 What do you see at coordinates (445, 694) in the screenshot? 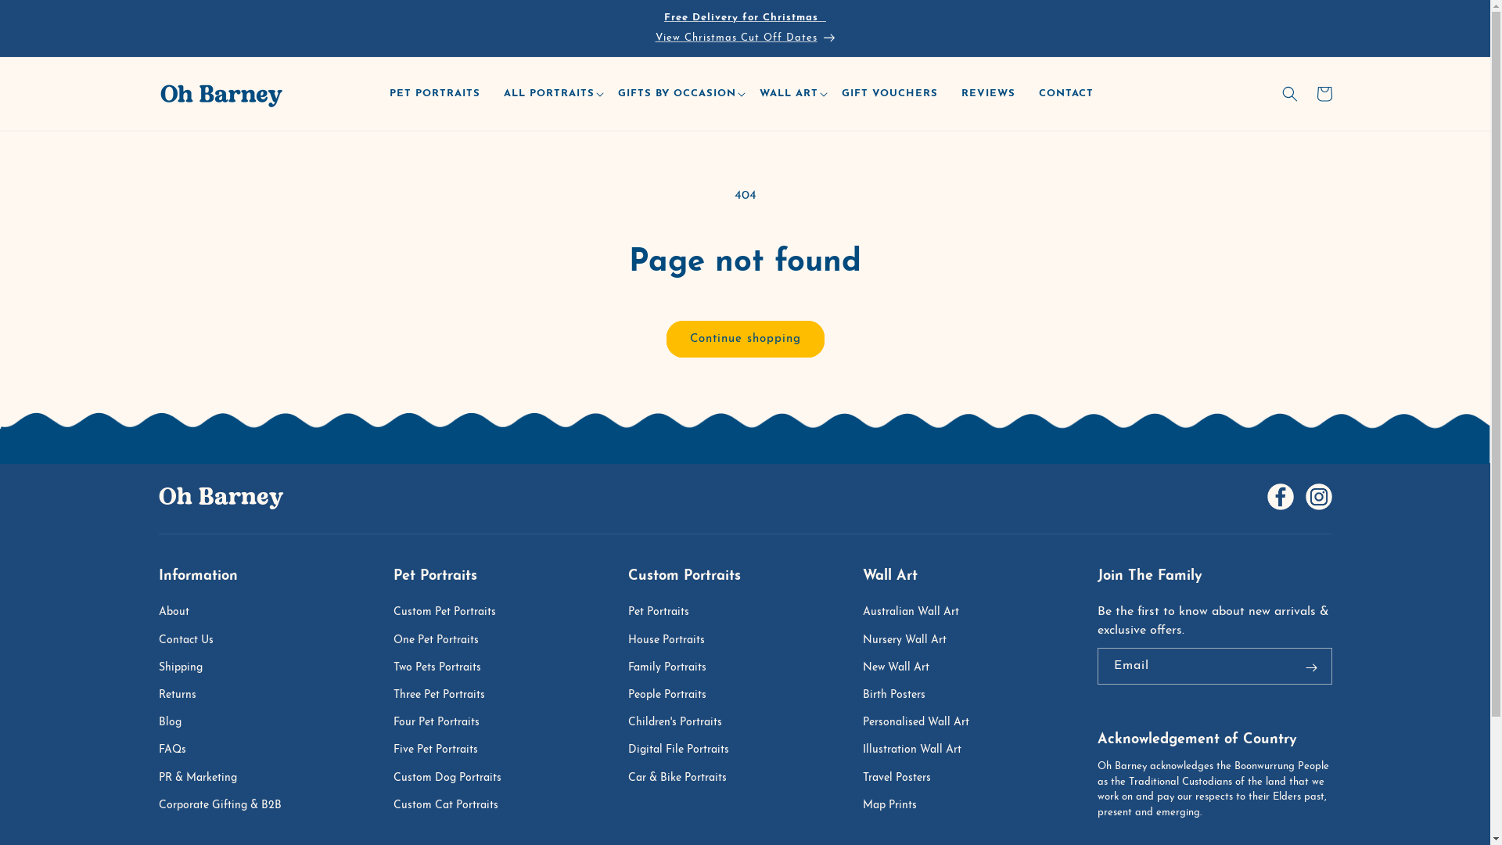
I see `'Three Pet Portraits'` at bounding box center [445, 694].